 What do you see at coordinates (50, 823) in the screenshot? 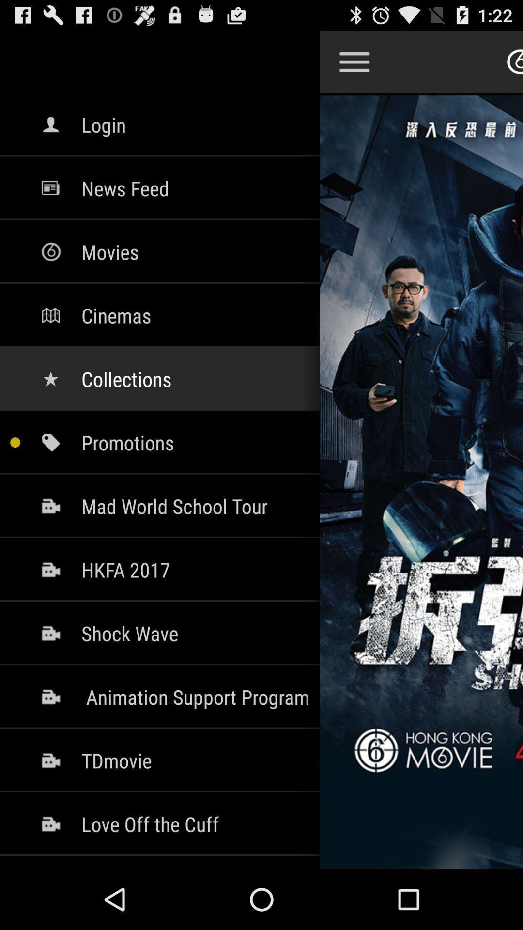
I see `the icon which is beside the love off the cuff` at bounding box center [50, 823].